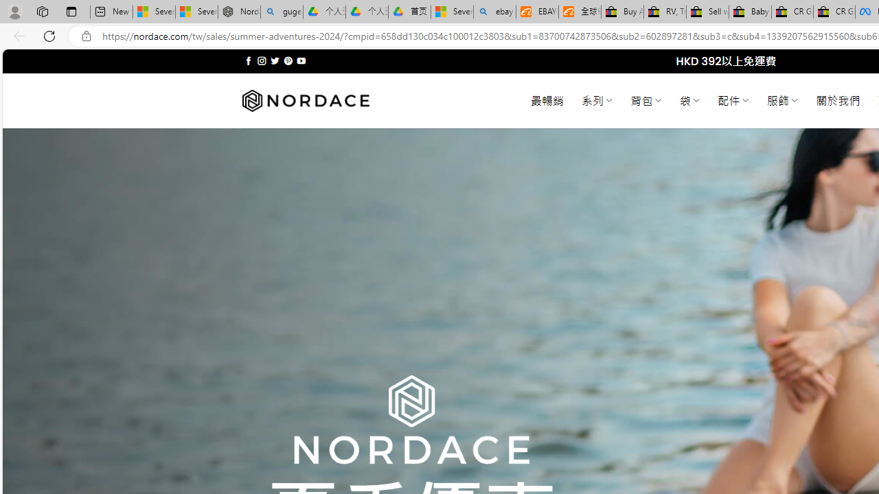 The height and width of the screenshot is (494, 879). Describe the element at coordinates (281, 12) in the screenshot. I see `'guge yunpan - Search'` at that location.